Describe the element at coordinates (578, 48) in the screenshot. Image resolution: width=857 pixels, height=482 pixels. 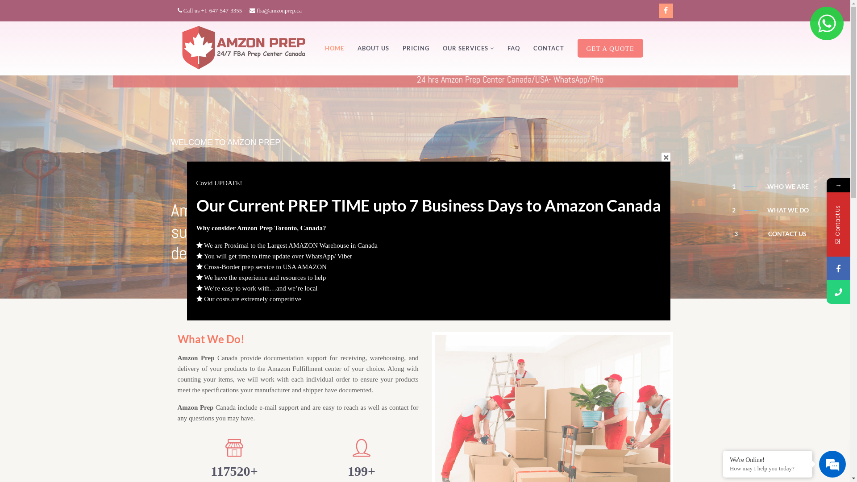
I see `'GET A QUOTE'` at that location.